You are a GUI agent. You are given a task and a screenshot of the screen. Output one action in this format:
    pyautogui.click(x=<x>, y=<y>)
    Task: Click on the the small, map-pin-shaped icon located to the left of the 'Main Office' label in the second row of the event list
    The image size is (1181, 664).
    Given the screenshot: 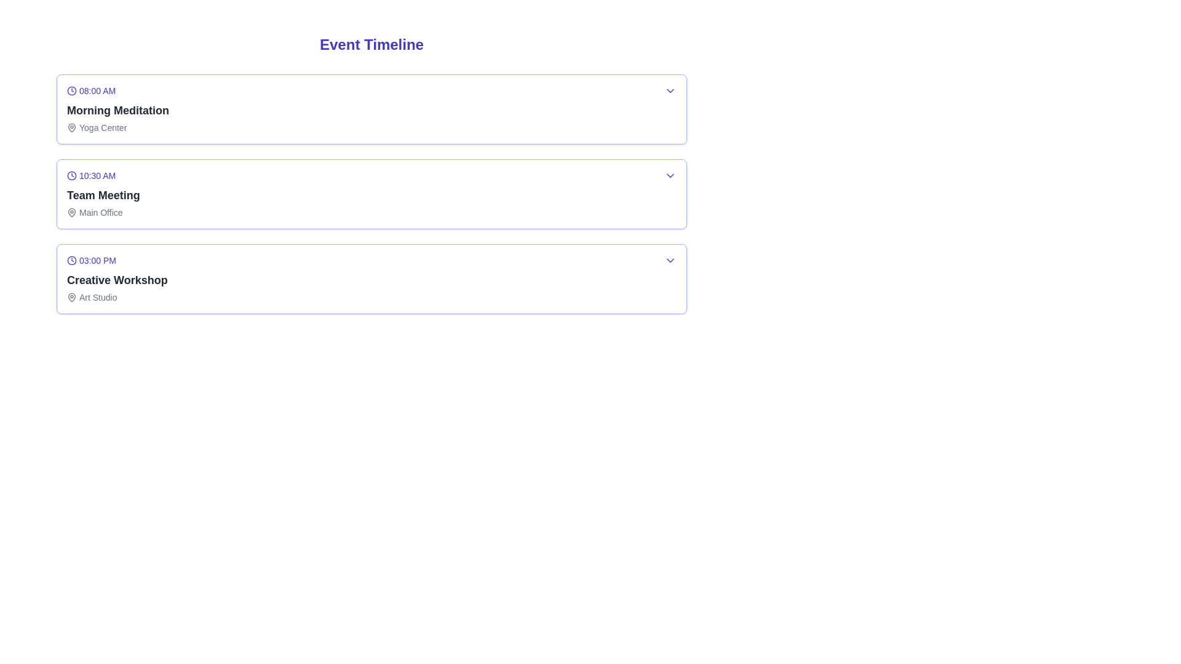 What is the action you would take?
    pyautogui.click(x=71, y=212)
    